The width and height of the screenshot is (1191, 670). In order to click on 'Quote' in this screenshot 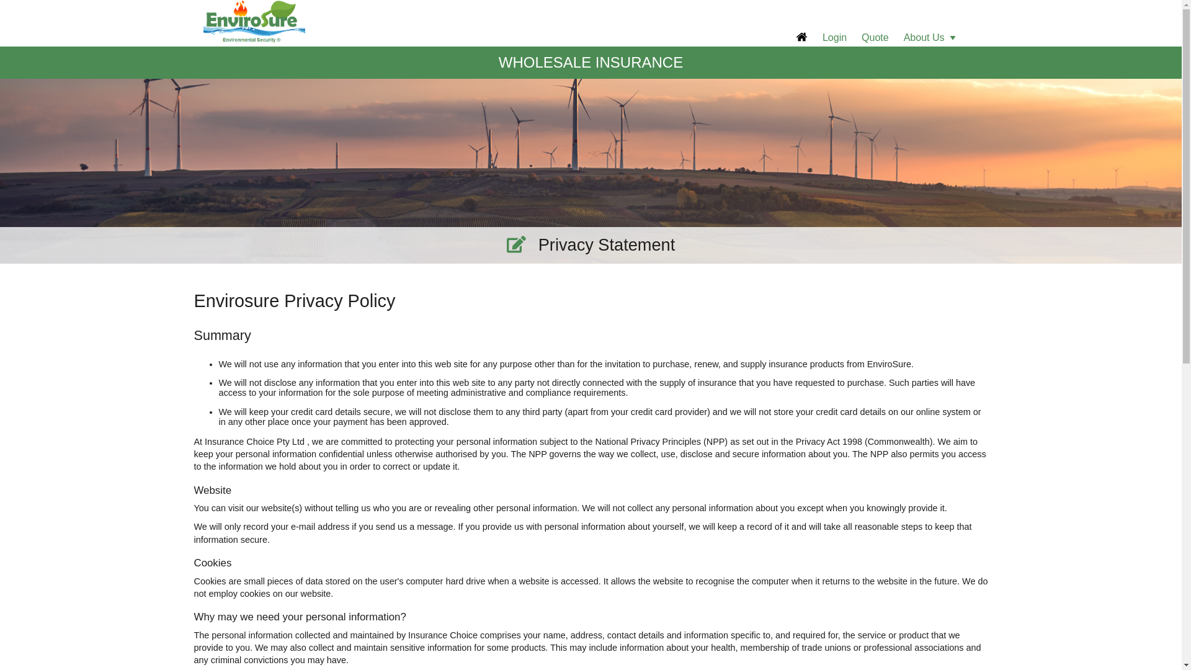, I will do `click(875, 37)`.